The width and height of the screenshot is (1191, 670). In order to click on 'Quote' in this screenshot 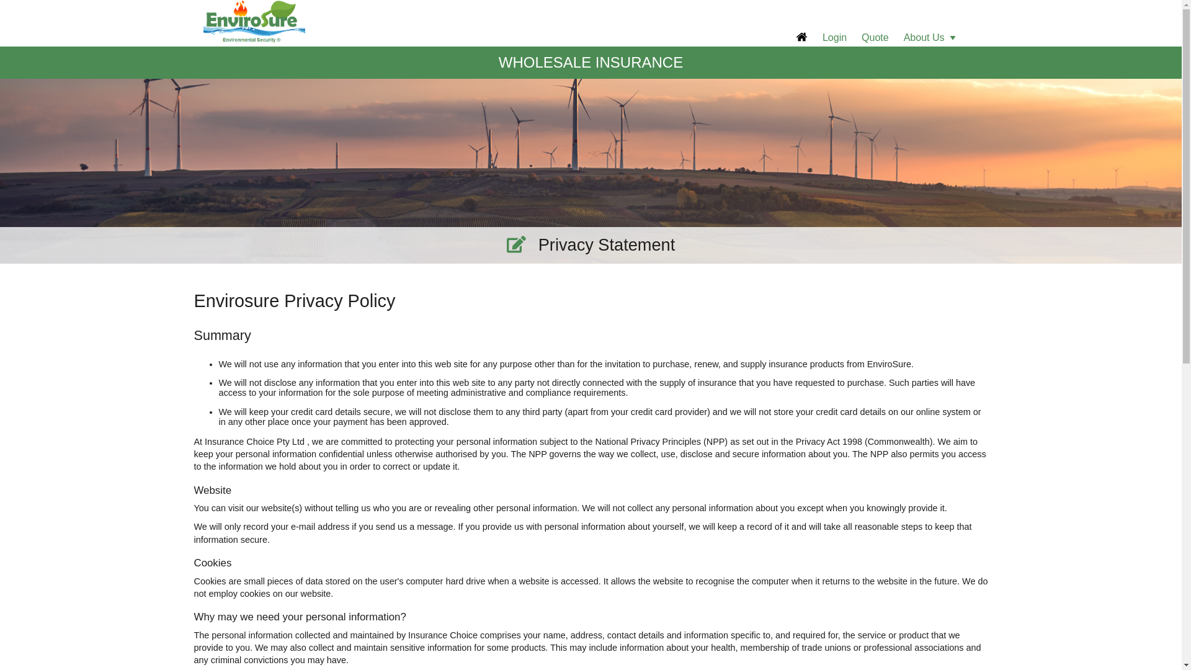, I will do `click(875, 37)`.